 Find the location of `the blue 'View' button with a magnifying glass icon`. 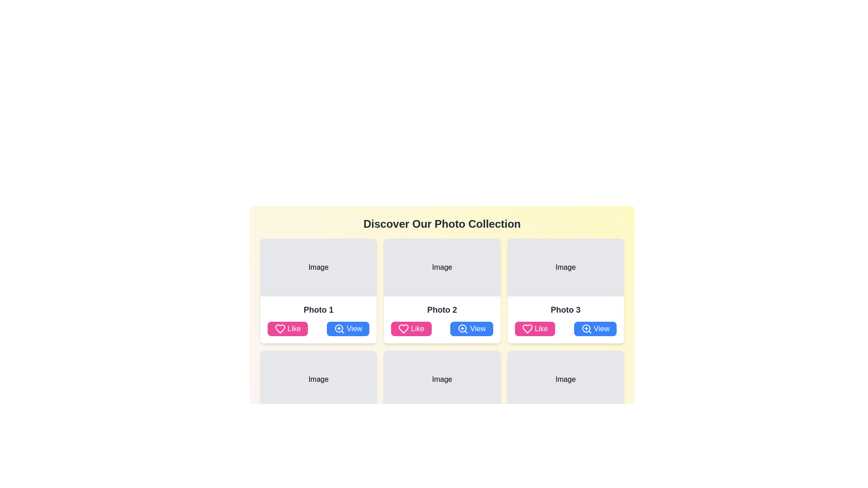

the blue 'View' button with a magnifying glass icon is located at coordinates (471, 329).